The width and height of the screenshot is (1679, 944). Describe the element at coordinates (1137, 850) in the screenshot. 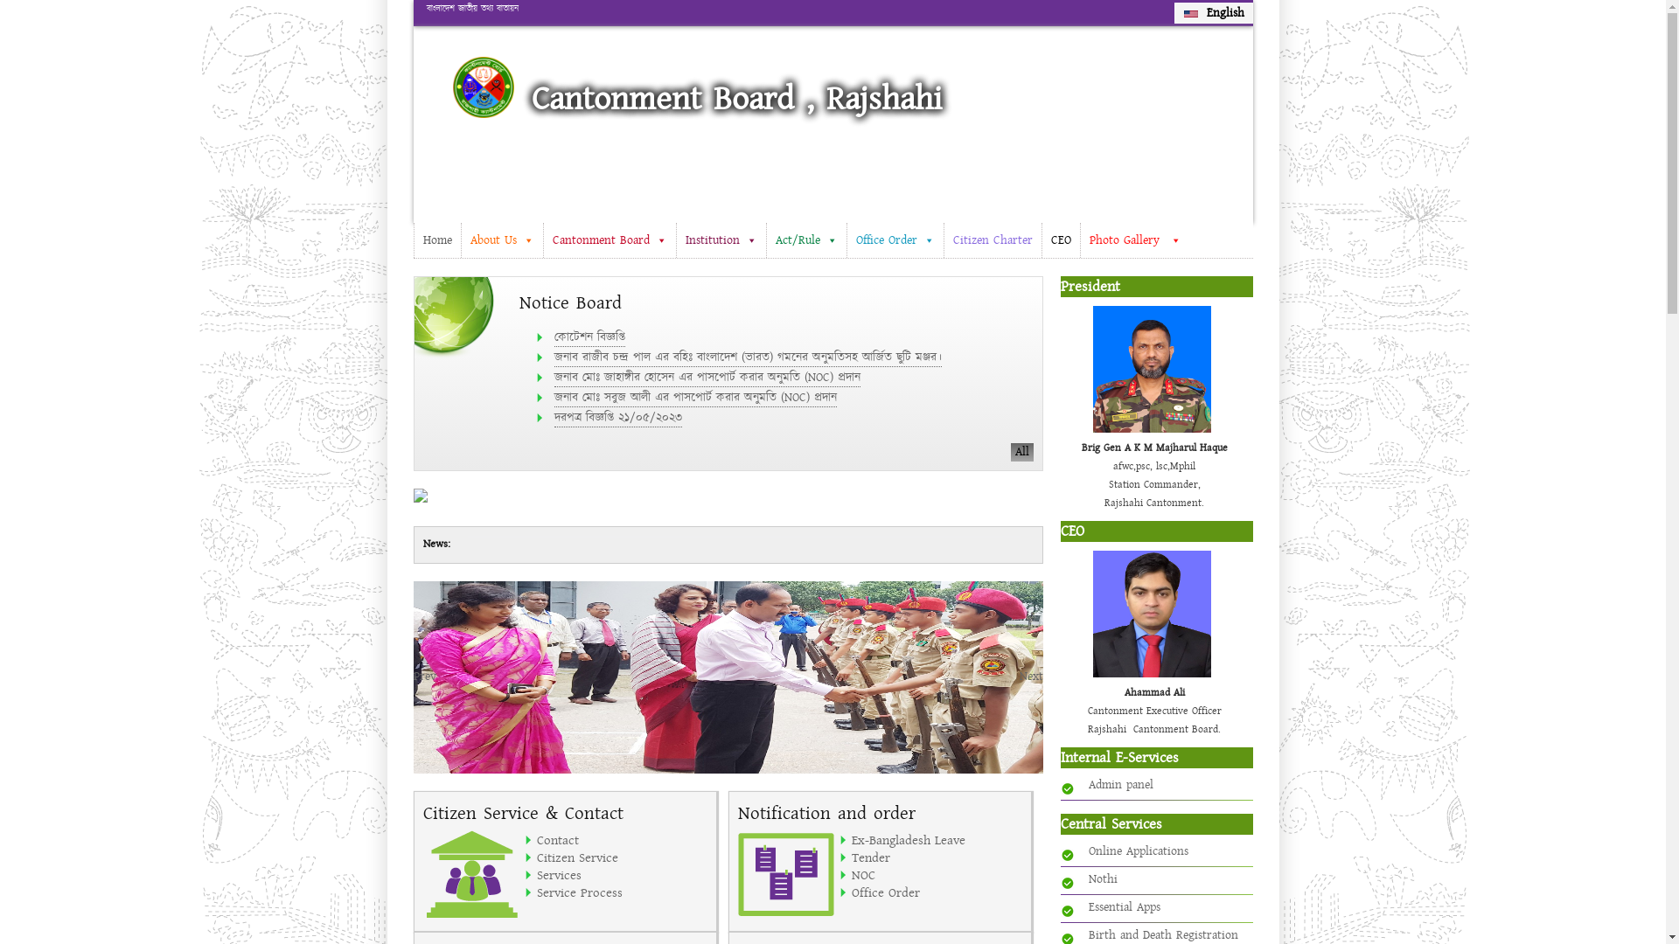

I see `'Online Applications'` at that location.